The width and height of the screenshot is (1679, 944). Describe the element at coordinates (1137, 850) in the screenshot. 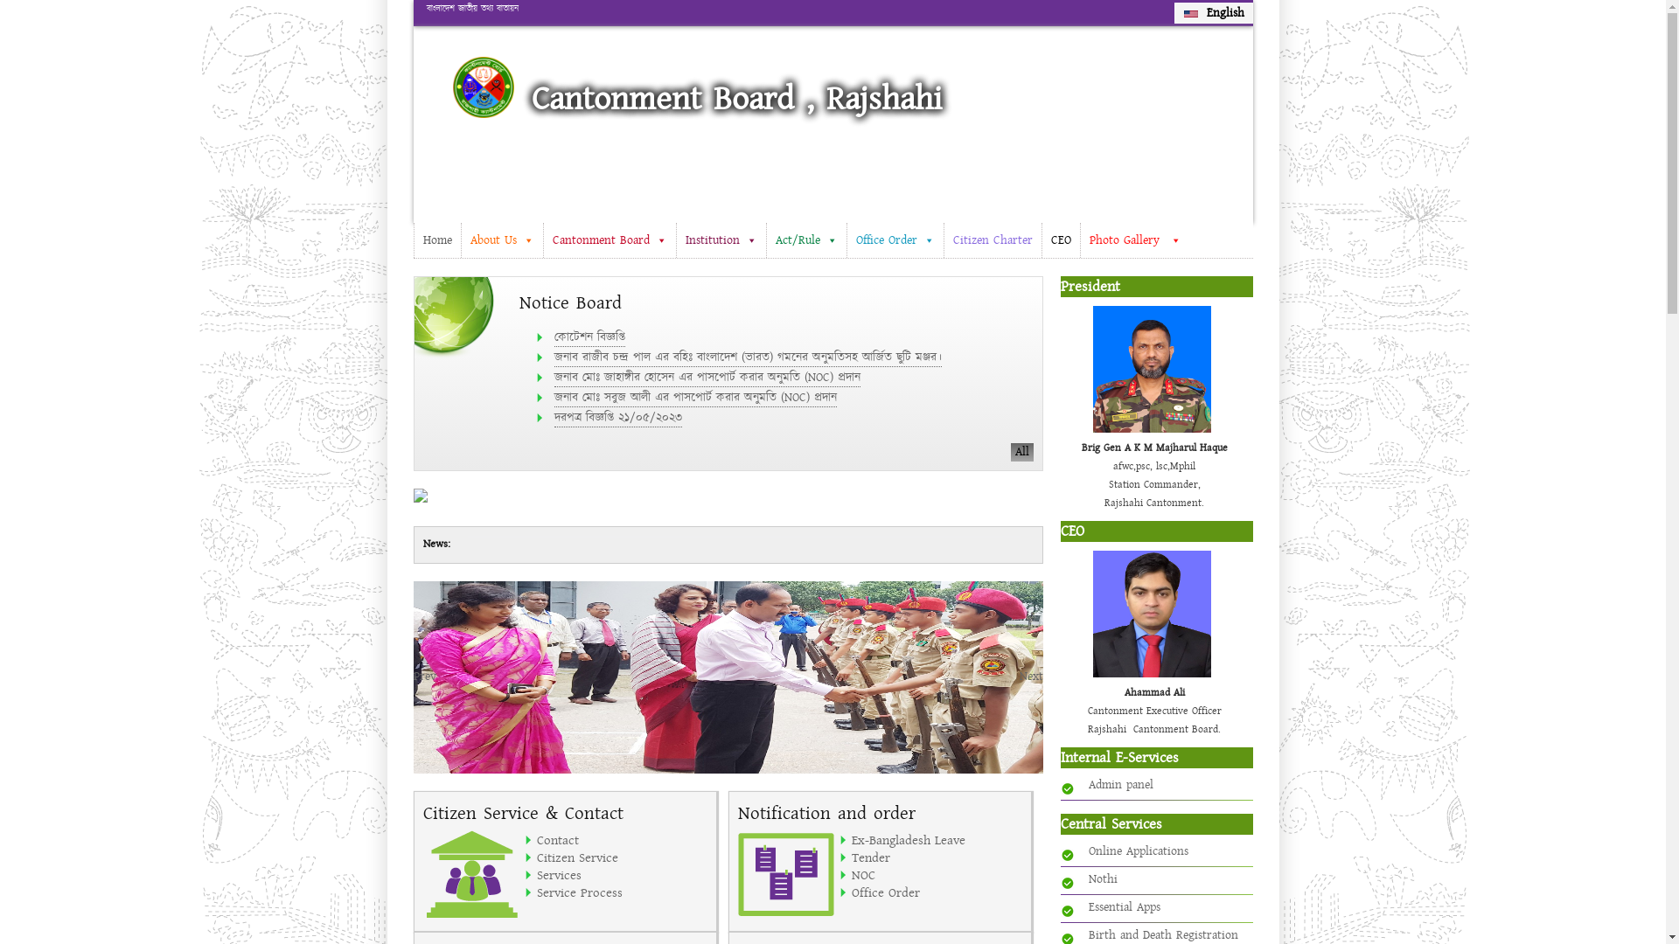

I see `'Online Applications'` at that location.